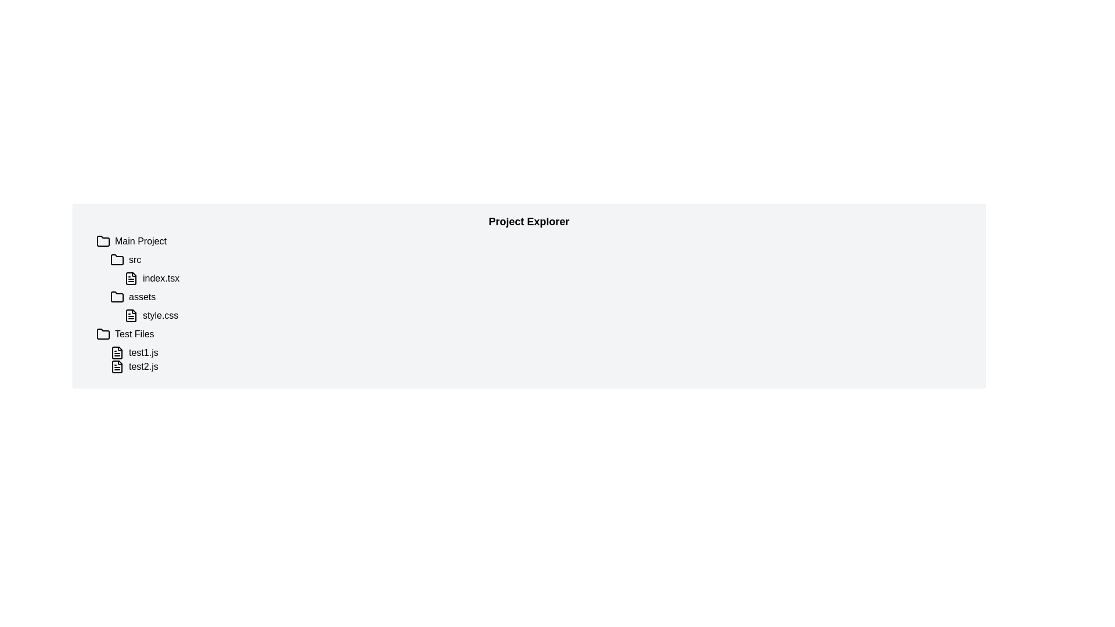 The image size is (1115, 627). I want to click on the text label with the associated icon representing the file 'style.css' in the 'assets' folder, so click(160, 315).